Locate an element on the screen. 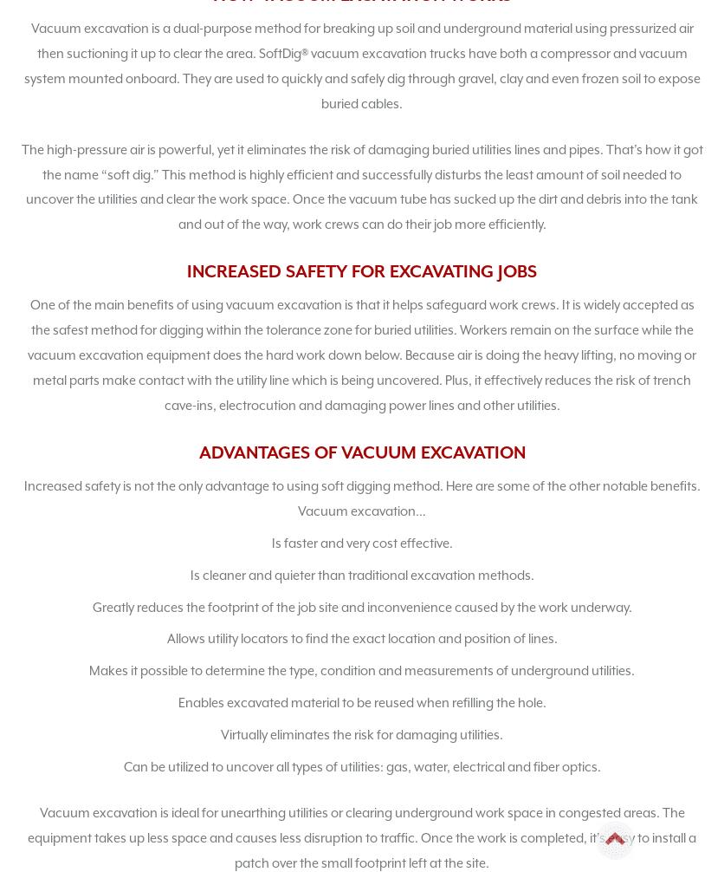  'One of the main benefits of using vacuum excavation is that it helps safeguard work crews. It is widely accepted as the safest method for digging within the tolerance zone for buried utilities. Workers remain on the surface while the vacuum excavation equipment does the hard work down below. Because air is doing the heavy lifting, no moving or metal parts make contact with the utility line which is being uncovered. Plus, it effectively reduces the risk of trench cave-ins, electrocution and damaging power lines and other utilities.' is located at coordinates (28, 354).